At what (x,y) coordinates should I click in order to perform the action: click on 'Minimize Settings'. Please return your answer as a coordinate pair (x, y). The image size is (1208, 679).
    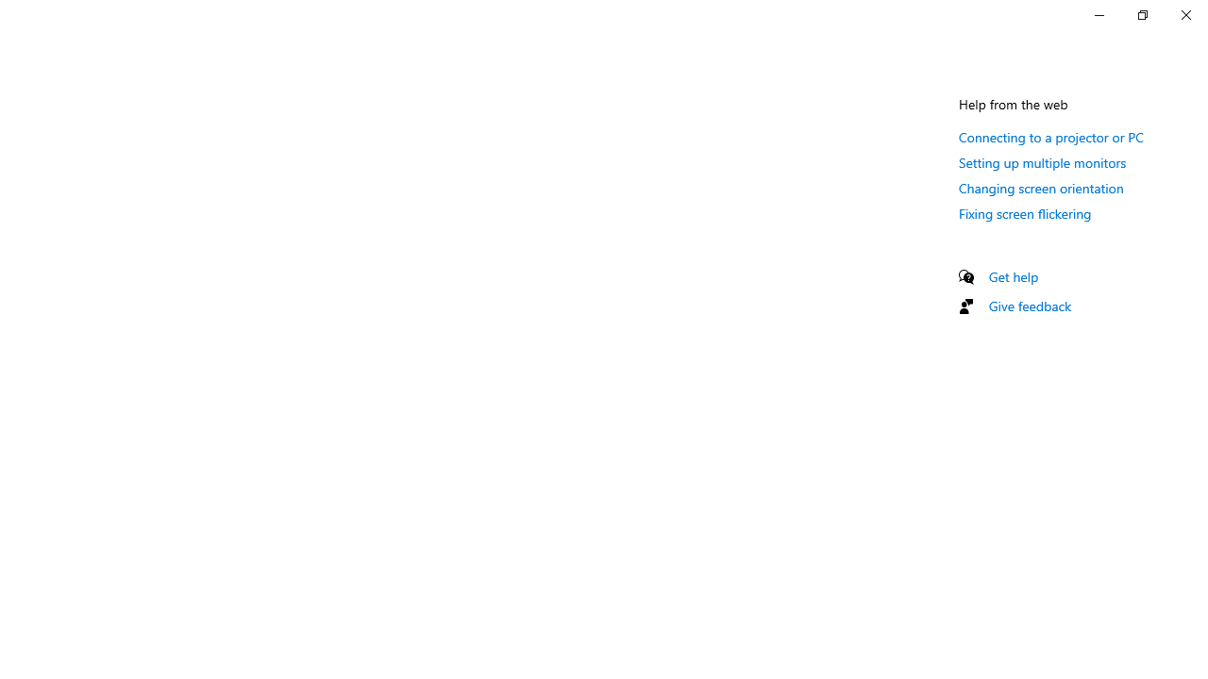
    Looking at the image, I should click on (1099, 14).